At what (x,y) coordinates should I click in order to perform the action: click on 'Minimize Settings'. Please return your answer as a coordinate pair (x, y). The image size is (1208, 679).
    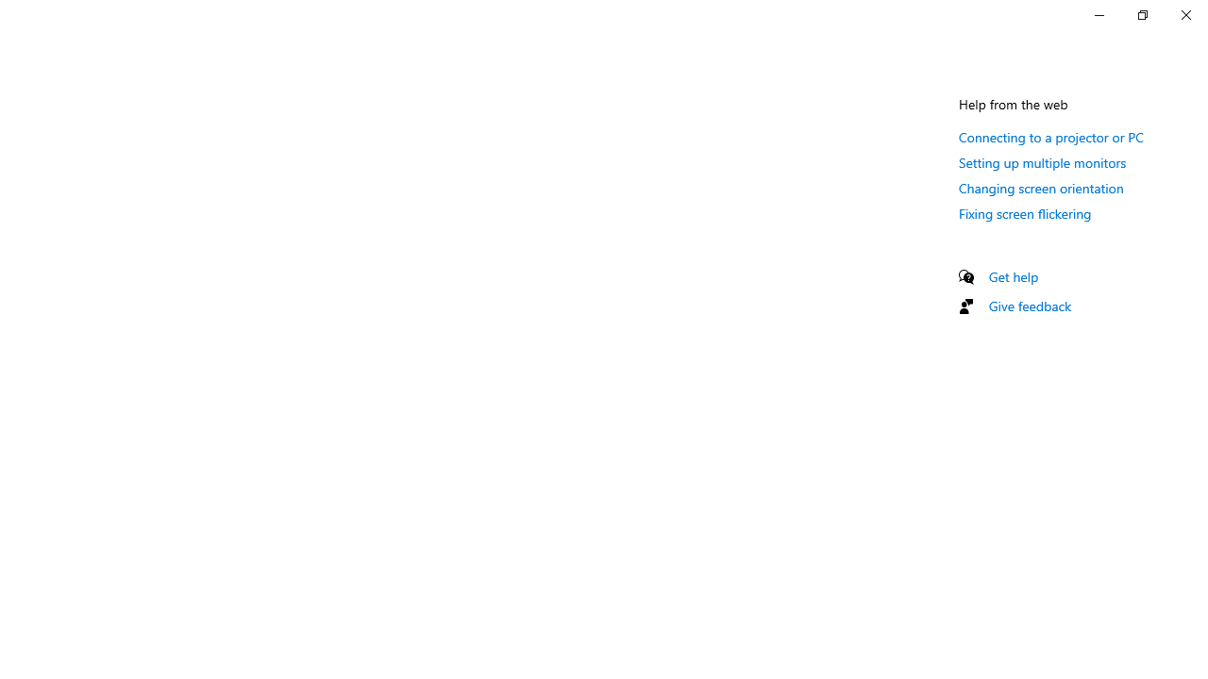
    Looking at the image, I should click on (1099, 14).